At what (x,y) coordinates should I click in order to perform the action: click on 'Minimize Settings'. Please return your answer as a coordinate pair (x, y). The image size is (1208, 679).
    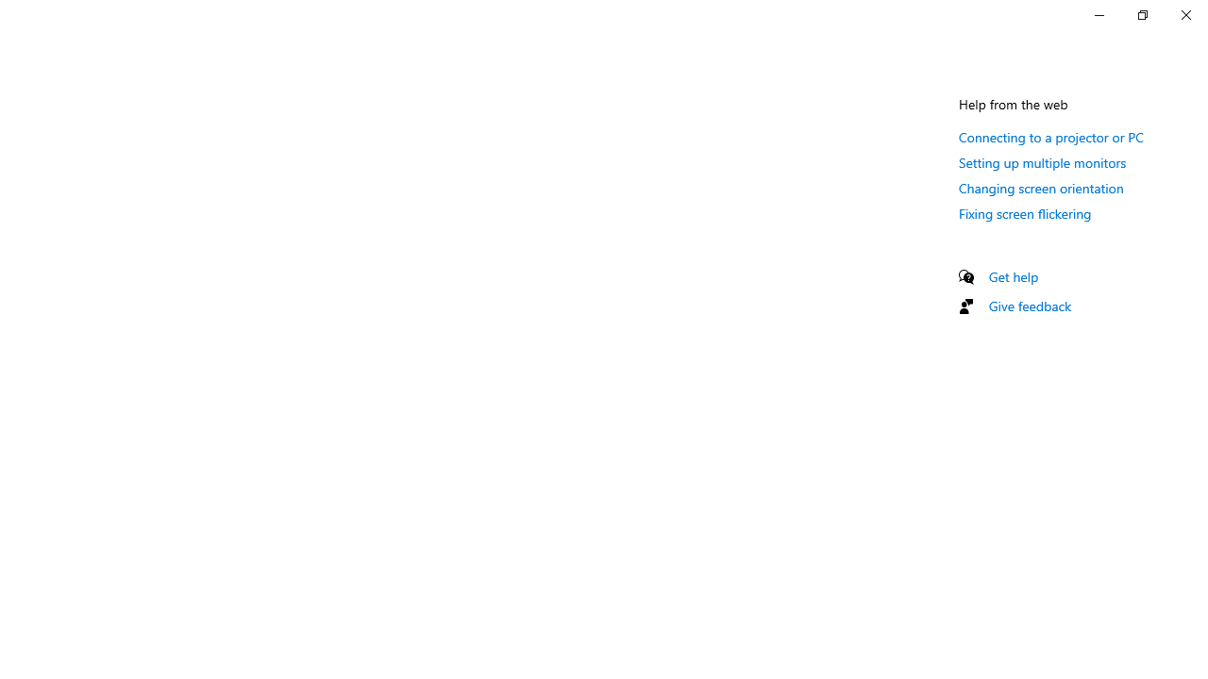
    Looking at the image, I should click on (1099, 14).